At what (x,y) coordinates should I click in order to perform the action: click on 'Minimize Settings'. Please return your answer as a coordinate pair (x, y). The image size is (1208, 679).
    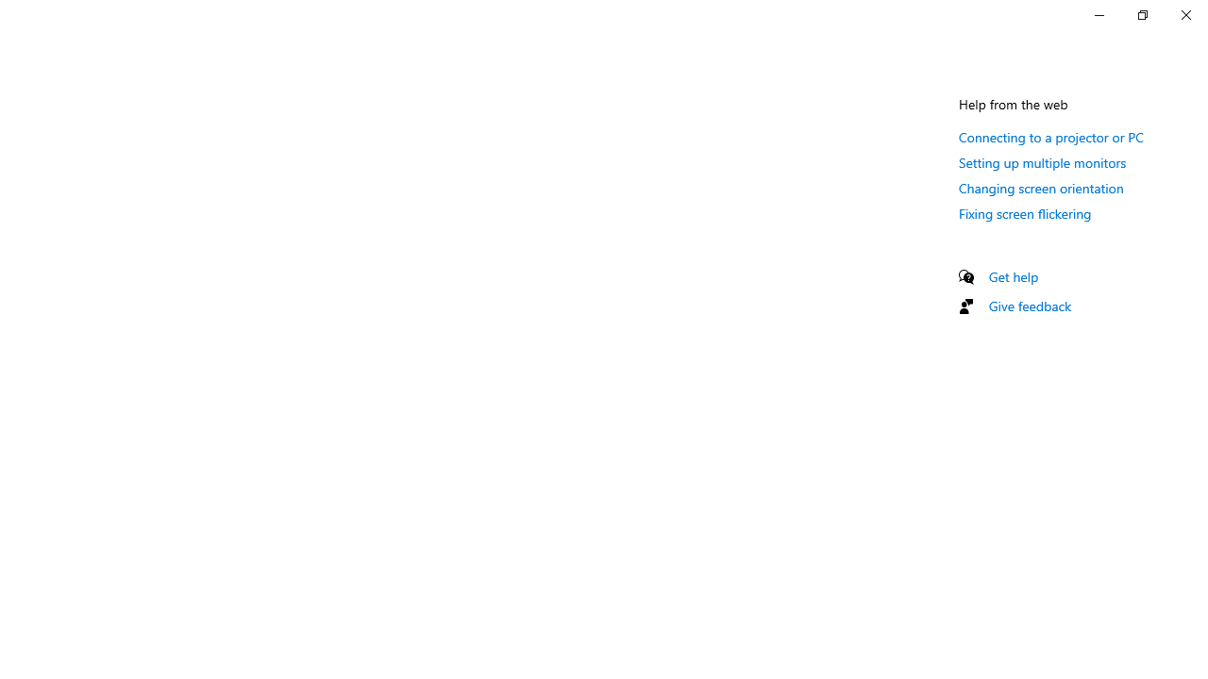
    Looking at the image, I should click on (1099, 14).